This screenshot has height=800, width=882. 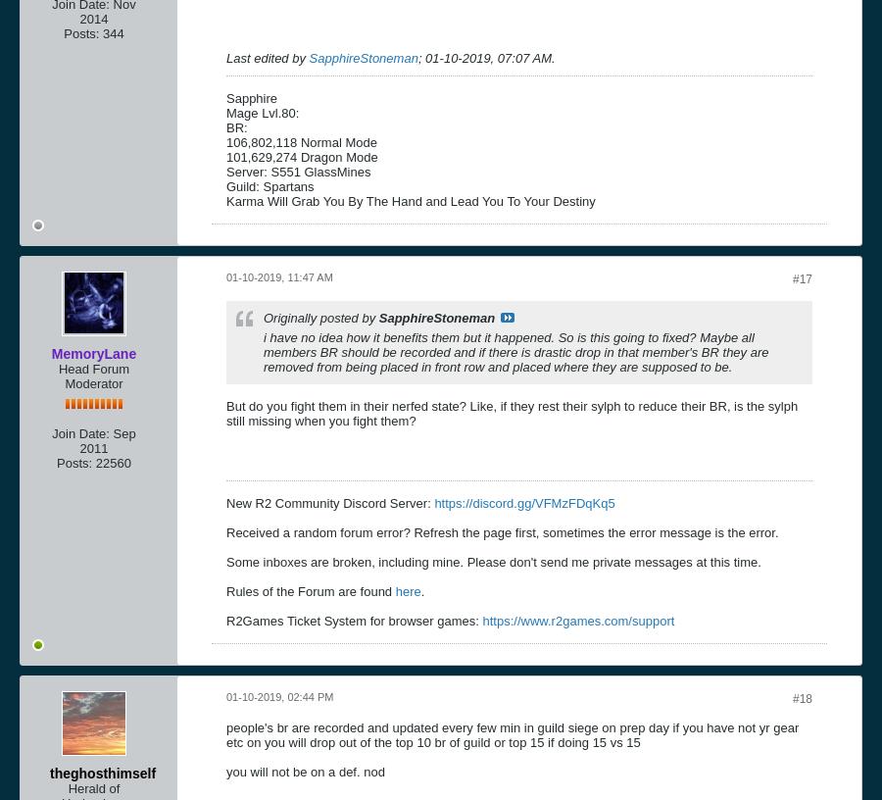 I want to click on 'Some inboxes are broken, including mine. Please don't send me private messages at this time.', so click(x=492, y=561).